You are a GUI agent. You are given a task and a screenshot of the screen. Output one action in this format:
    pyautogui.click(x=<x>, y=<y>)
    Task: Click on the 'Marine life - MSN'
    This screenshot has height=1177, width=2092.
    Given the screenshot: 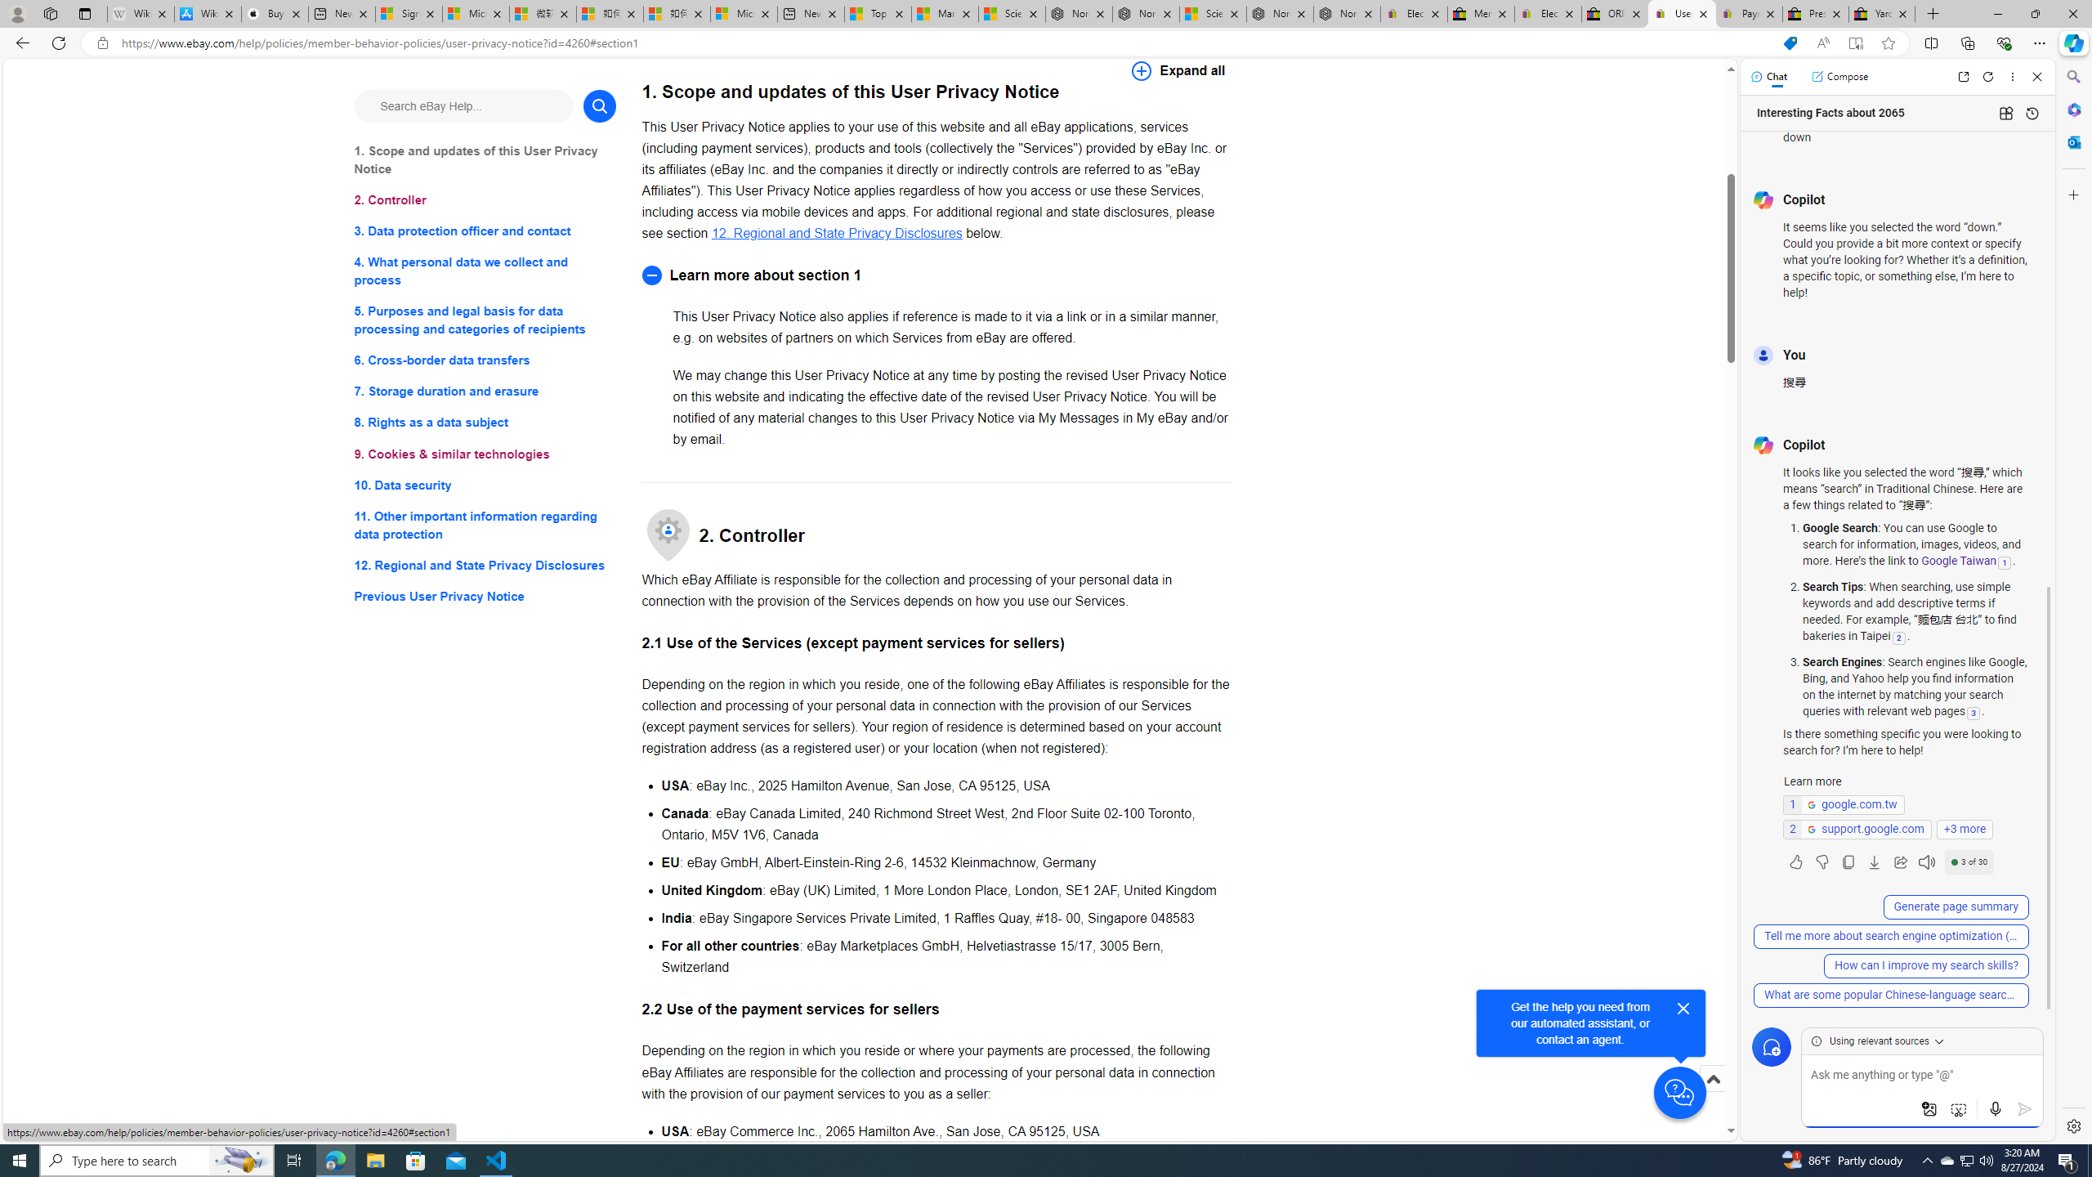 What is the action you would take?
    pyautogui.click(x=943, y=13)
    